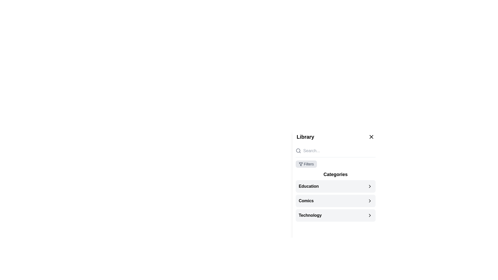  What do you see at coordinates (369, 215) in the screenshot?
I see `the rightward pointing chevron icon located at the rightmost position of the 'Technology' category item` at bounding box center [369, 215].